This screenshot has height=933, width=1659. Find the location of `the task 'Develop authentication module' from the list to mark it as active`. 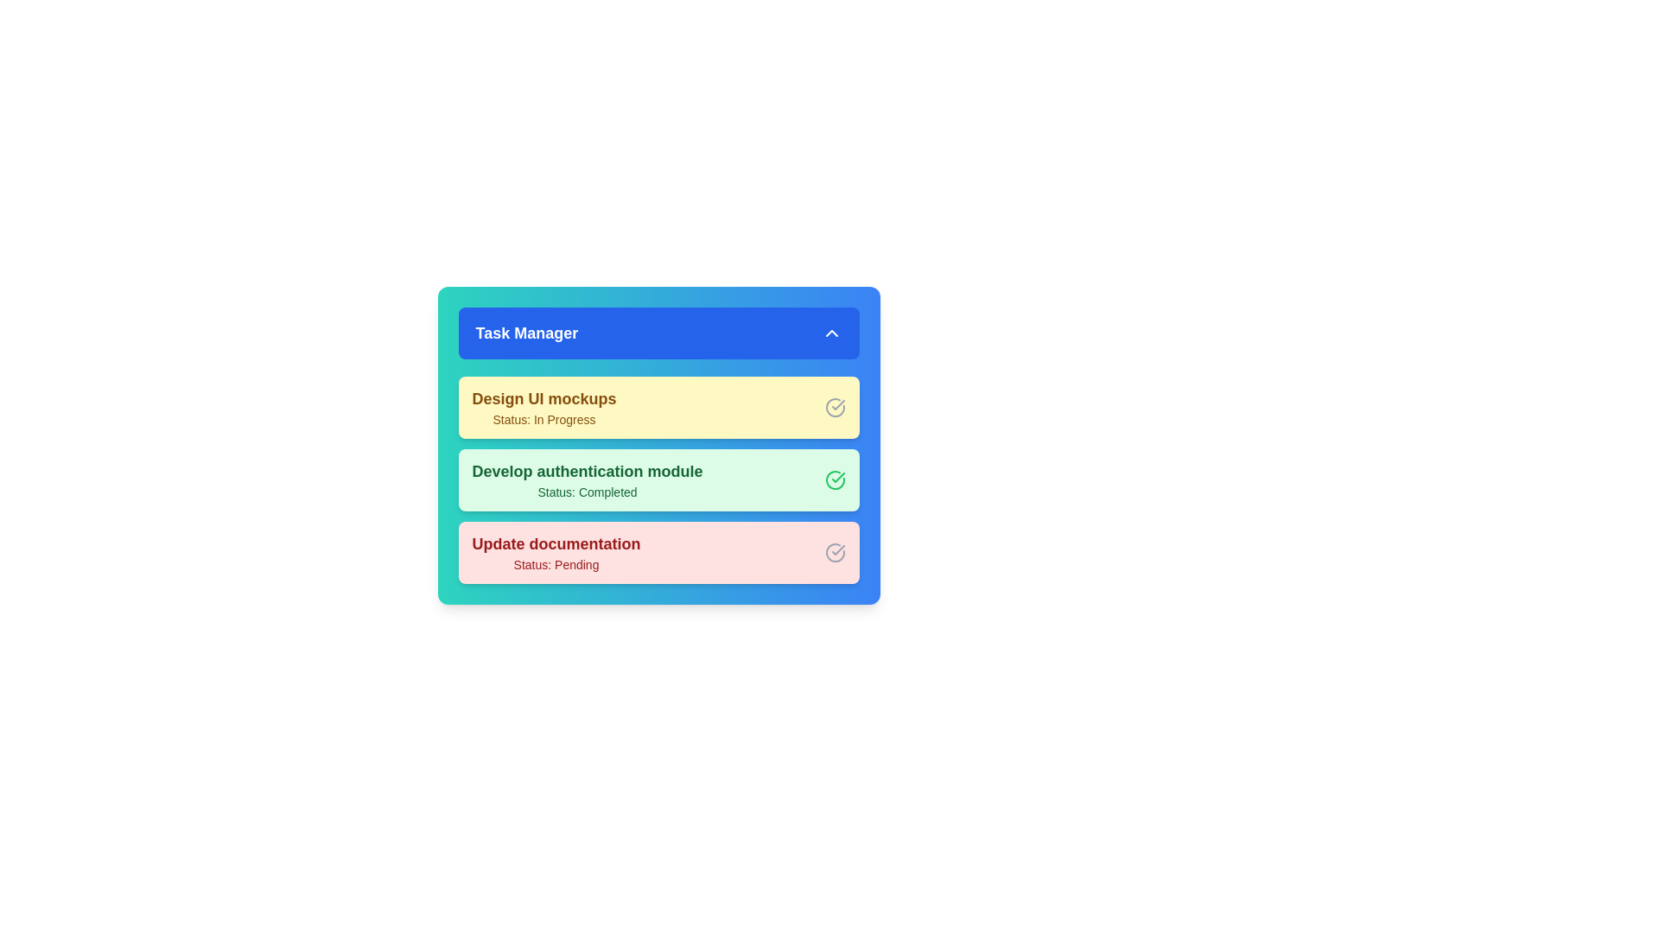

the task 'Develop authentication module' from the list to mark it as active is located at coordinates (588, 479).